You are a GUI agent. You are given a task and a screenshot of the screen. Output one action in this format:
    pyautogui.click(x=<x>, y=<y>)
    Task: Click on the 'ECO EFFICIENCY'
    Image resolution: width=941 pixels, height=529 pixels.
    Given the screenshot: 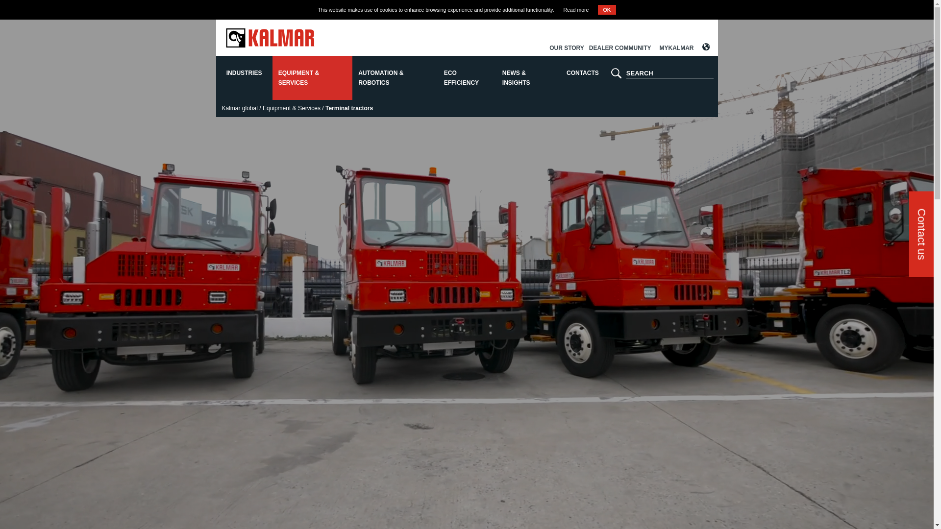 What is the action you would take?
    pyautogui.click(x=467, y=77)
    